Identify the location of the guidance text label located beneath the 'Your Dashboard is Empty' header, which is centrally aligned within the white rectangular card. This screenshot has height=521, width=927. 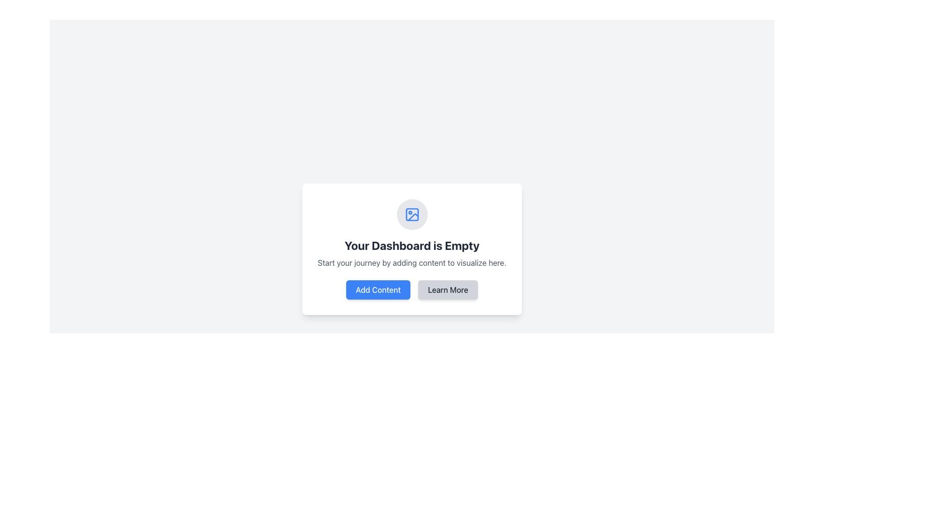
(412, 262).